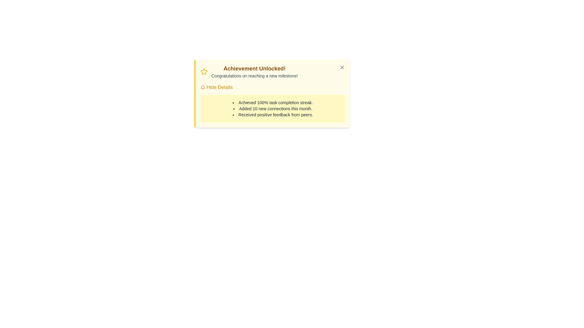  Describe the element at coordinates (273, 108) in the screenshot. I see `text content from the Text Display Panel, which features a yellow background with rounded corners and displays messages about task completion, new connections, and positive feedback, located near the center-right of the 'Achievement Unlocked!' notification panel` at that location.